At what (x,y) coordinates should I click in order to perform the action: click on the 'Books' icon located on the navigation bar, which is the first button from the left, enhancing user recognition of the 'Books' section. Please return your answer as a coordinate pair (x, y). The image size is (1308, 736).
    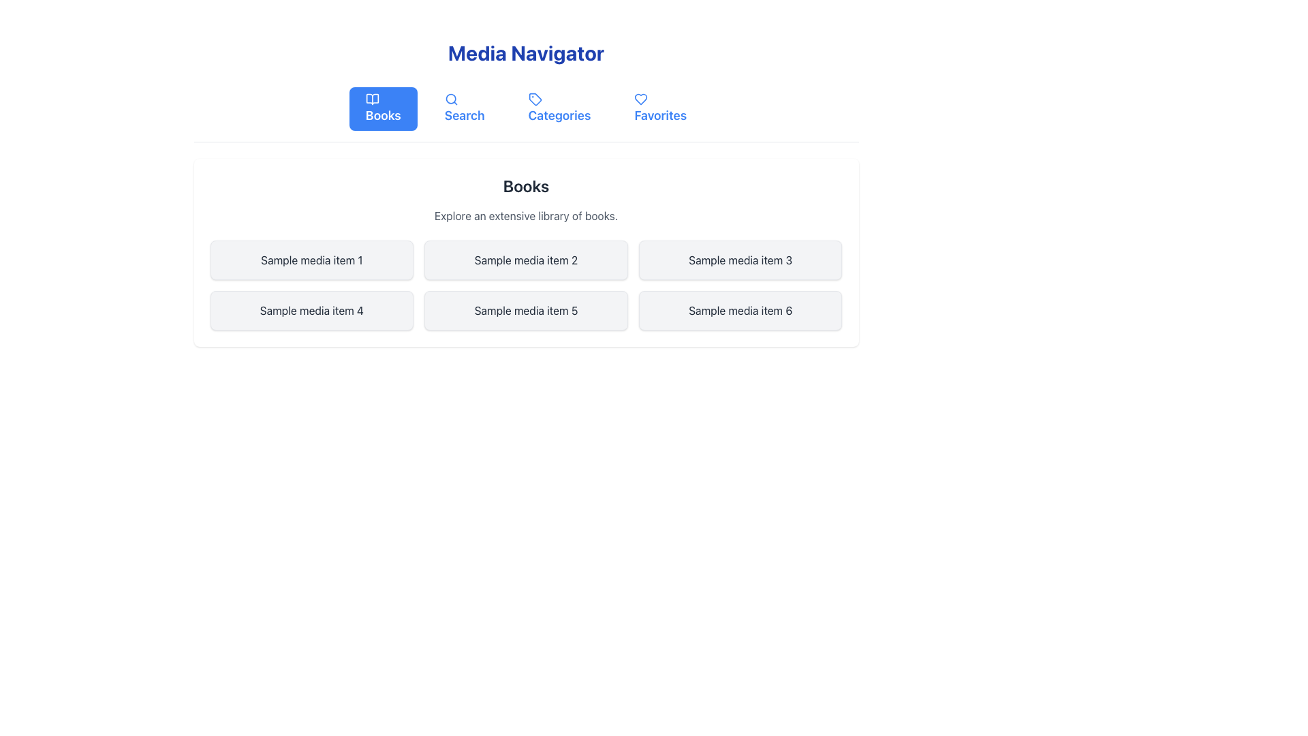
    Looking at the image, I should click on (372, 99).